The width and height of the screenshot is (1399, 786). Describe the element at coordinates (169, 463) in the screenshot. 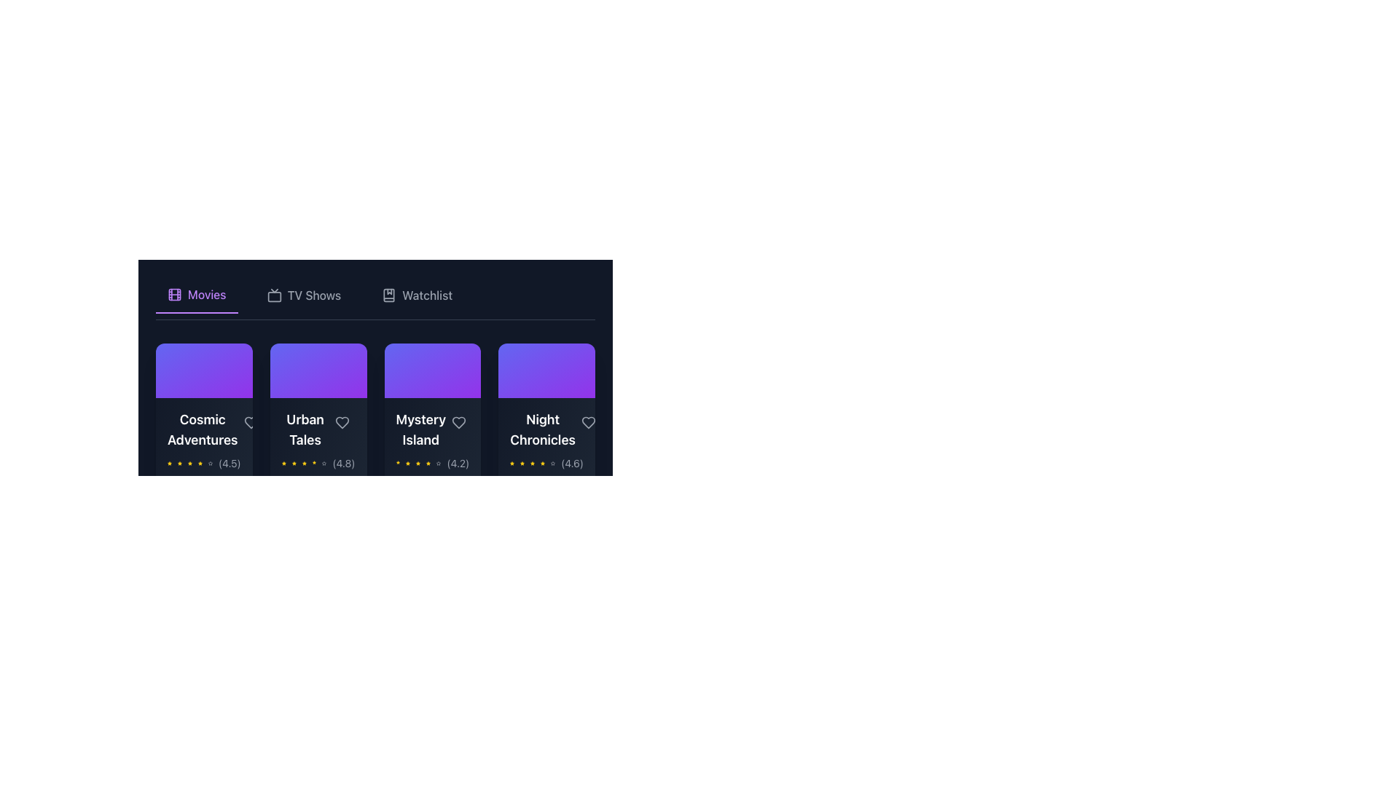

I see `the first yellow star icon in the five-star rating system located below the title 'Cosmic Adventures' in the 'Movies' section` at that location.